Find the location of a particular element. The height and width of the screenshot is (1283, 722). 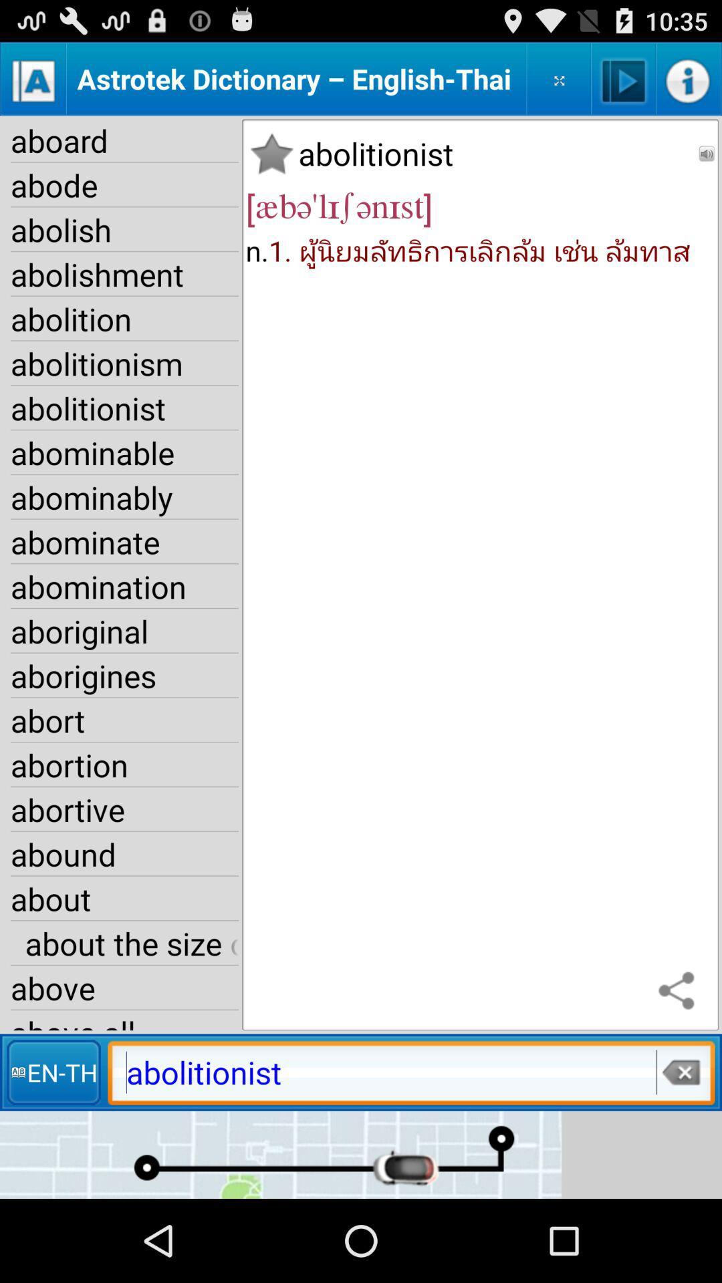

item above aboard icon is located at coordinates (33, 78).